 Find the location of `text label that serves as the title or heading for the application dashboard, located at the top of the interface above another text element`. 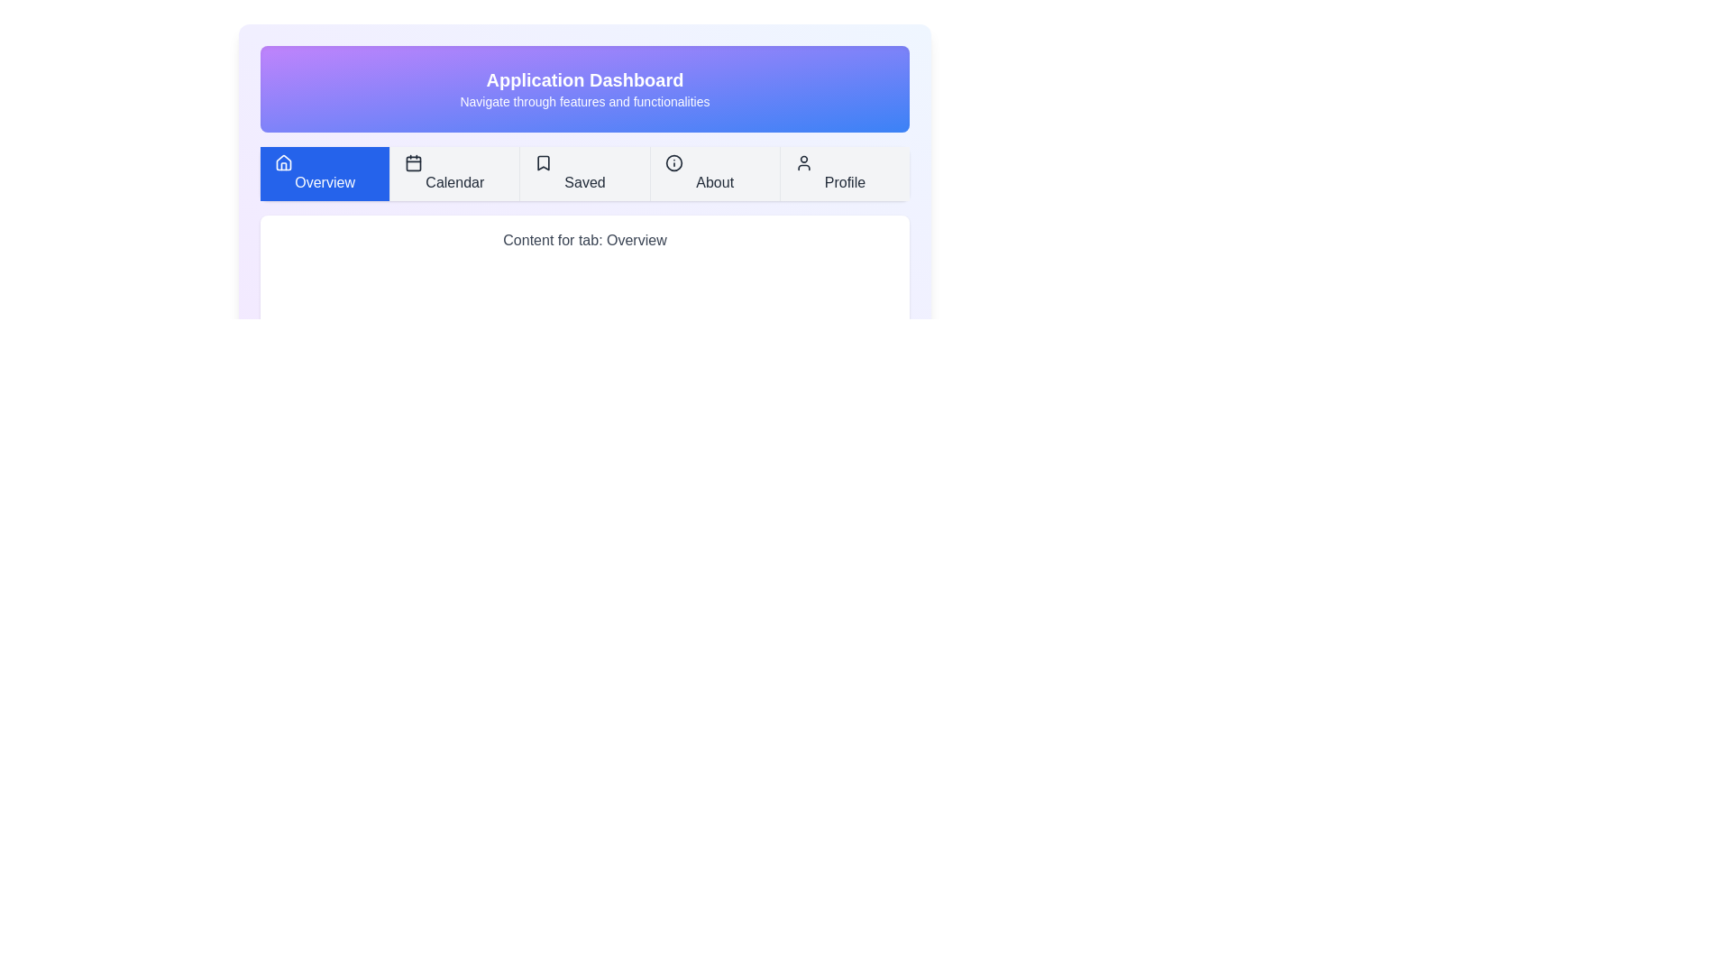

text label that serves as the title or heading for the application dashboard, located at the top of the interface above another text element is located at coordinates (584, 78).